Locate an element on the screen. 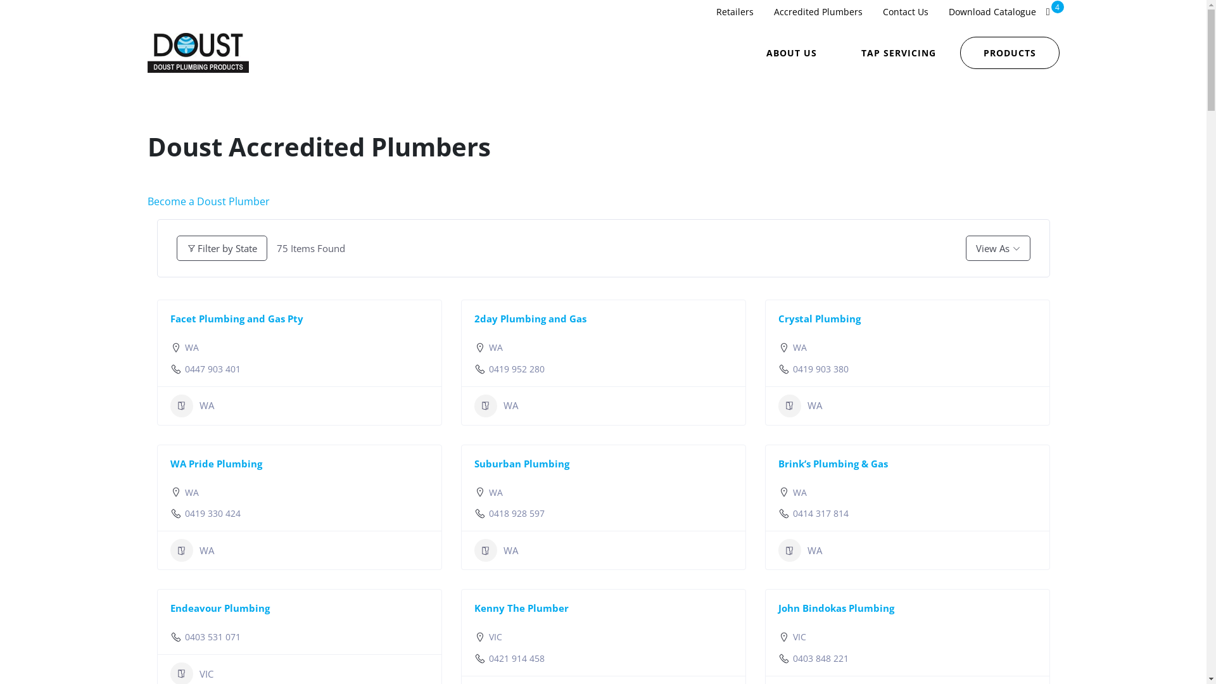 This screenshot has width=1216, height=684. 'ABOUT US' is located at coordinates (790, 52).